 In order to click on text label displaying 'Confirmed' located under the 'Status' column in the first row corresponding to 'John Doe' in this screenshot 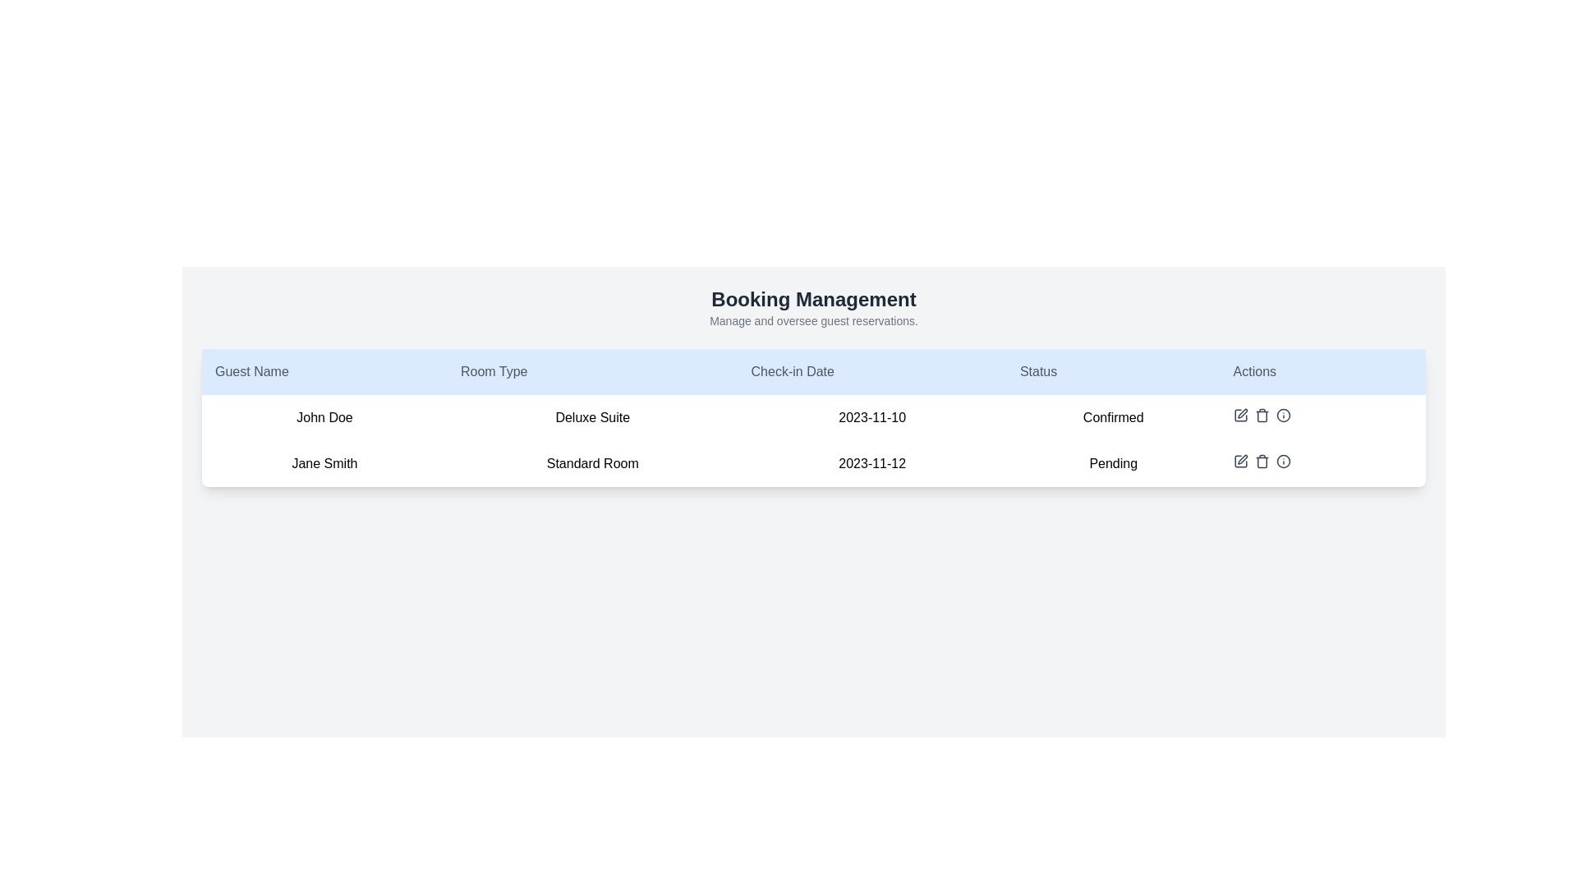, I will do `click(1113, 417)`.